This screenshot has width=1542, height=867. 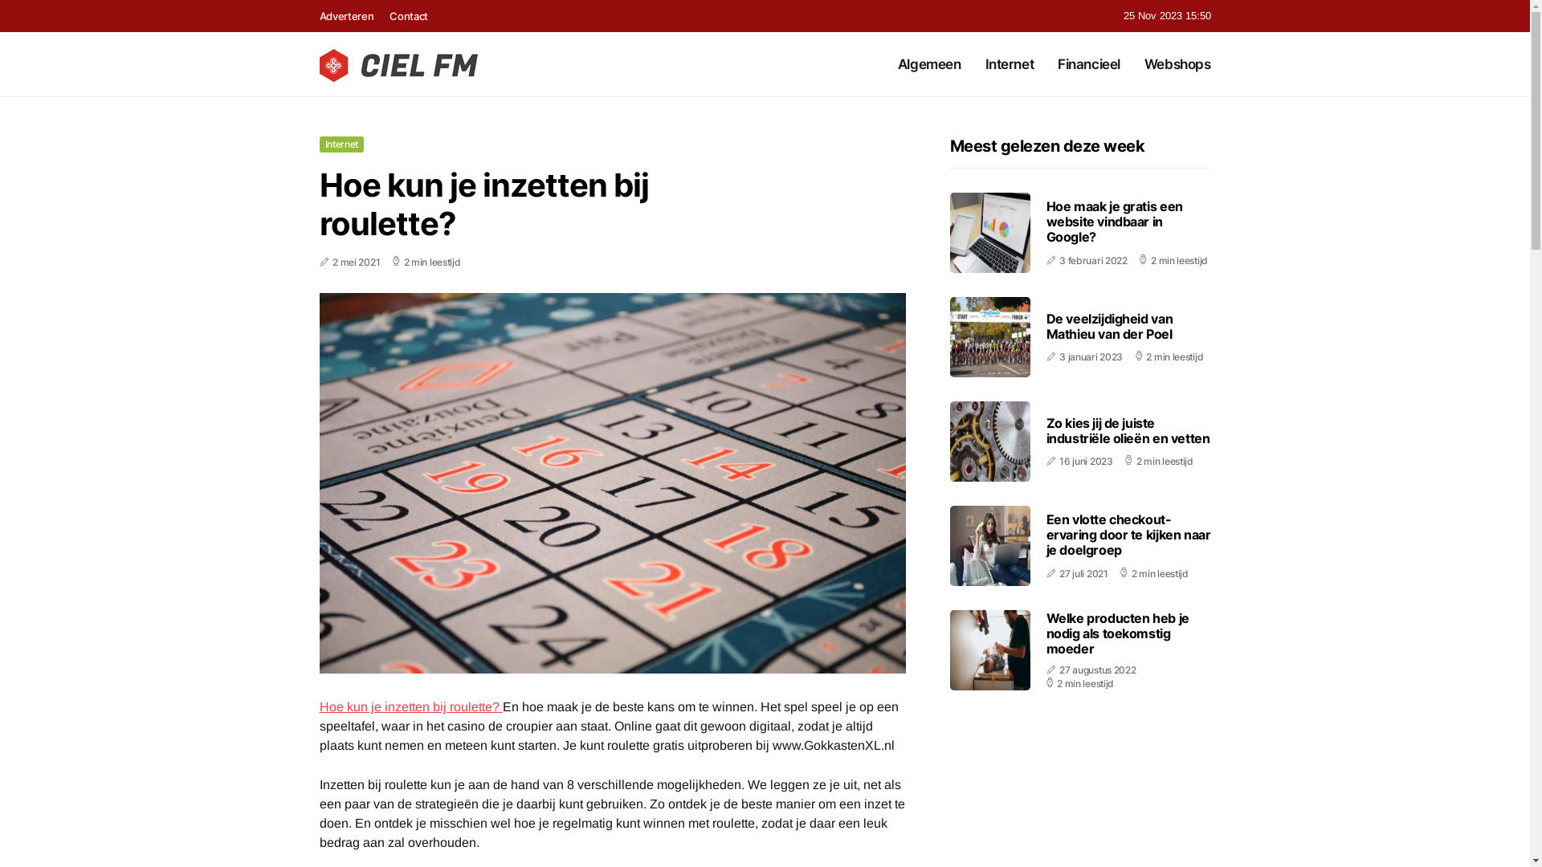 I want to click on 'Internet', so click(x=320, y=144).